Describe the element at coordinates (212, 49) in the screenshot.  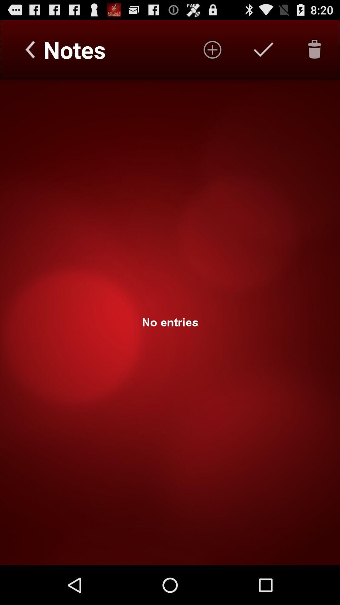
I see `notes` at that location.